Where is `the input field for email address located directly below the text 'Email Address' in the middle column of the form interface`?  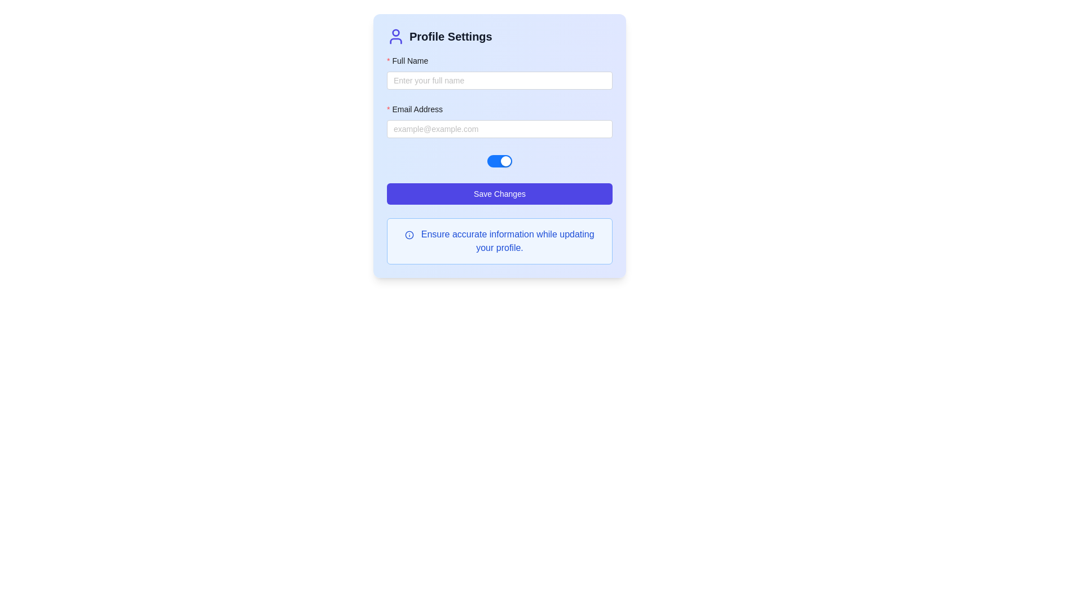 the input field for email address located directly below the text 'Email Address' in the middle column of the form interface is located at coordinates (499, 128).